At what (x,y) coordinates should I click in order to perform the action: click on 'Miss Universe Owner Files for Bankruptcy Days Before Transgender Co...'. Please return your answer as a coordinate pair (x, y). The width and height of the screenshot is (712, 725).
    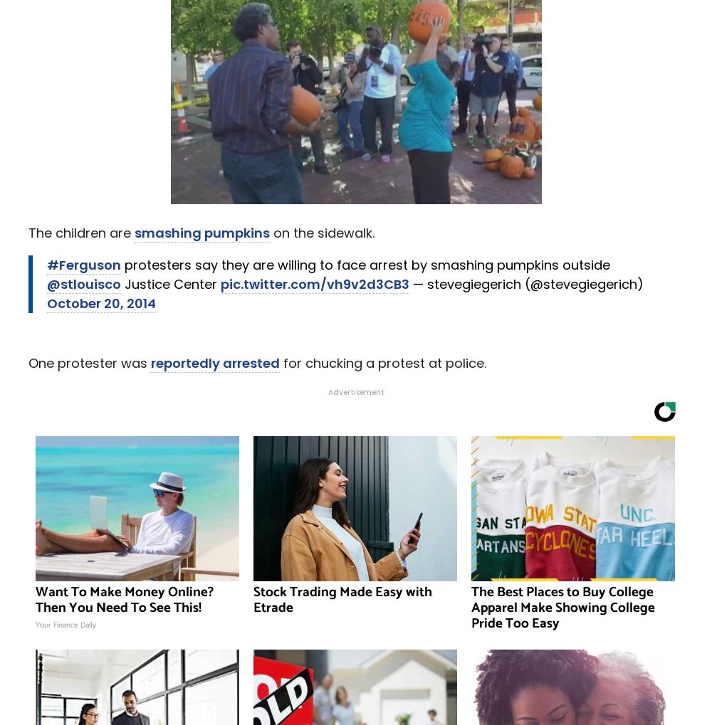
    Looking at the image, I should click on (271, 223).